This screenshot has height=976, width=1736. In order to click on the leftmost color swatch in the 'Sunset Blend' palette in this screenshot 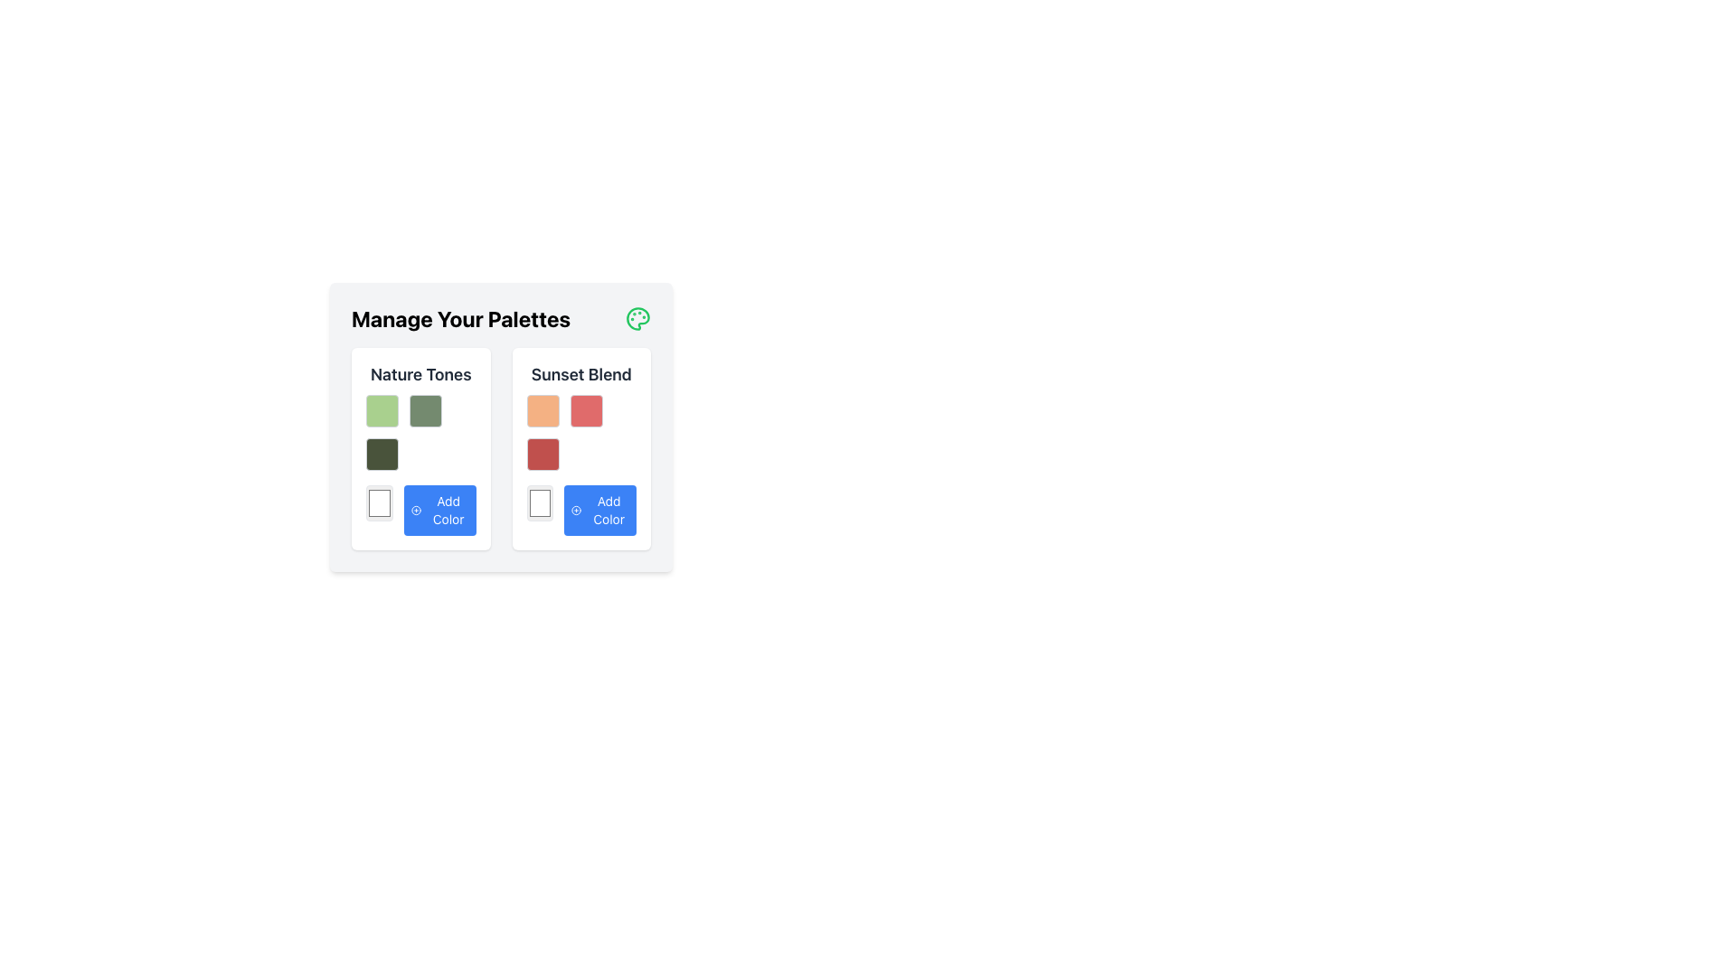, I will do `click(539, 502)`.